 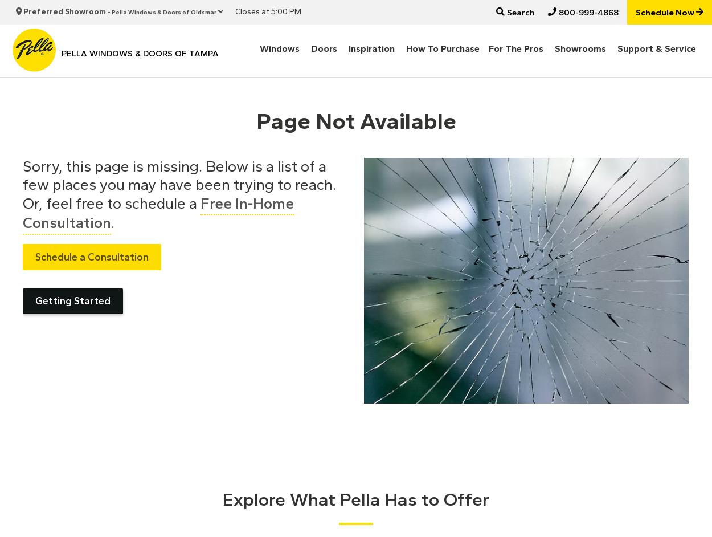 I want to click on '800-999-4868', so click(x=587, y=12).